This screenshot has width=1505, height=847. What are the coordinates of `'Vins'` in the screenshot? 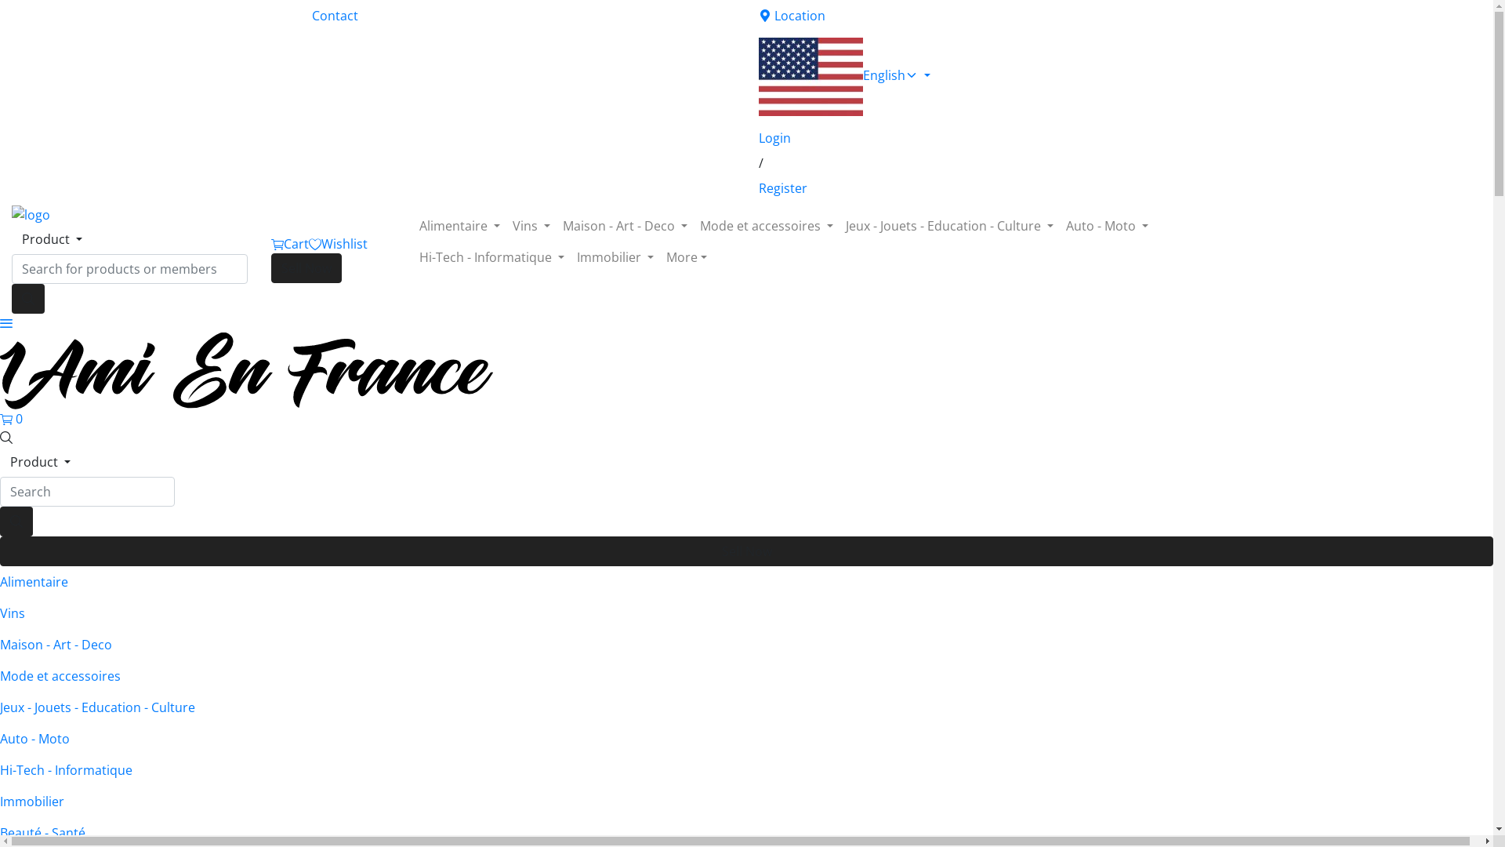 It's located at (531, 226).